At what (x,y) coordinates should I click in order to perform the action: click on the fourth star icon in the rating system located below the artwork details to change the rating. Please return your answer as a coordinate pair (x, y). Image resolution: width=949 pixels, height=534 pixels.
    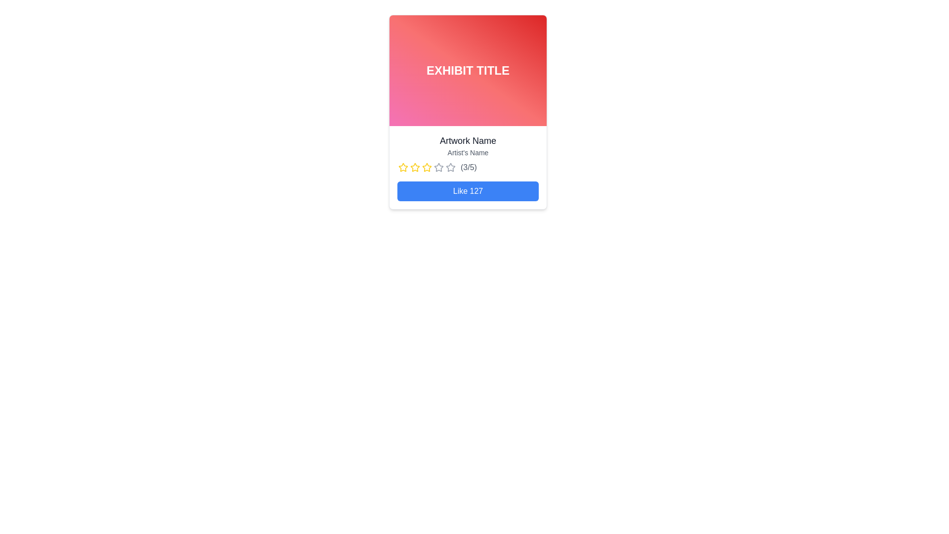
    Looking at the image, I should click on (427, 167).